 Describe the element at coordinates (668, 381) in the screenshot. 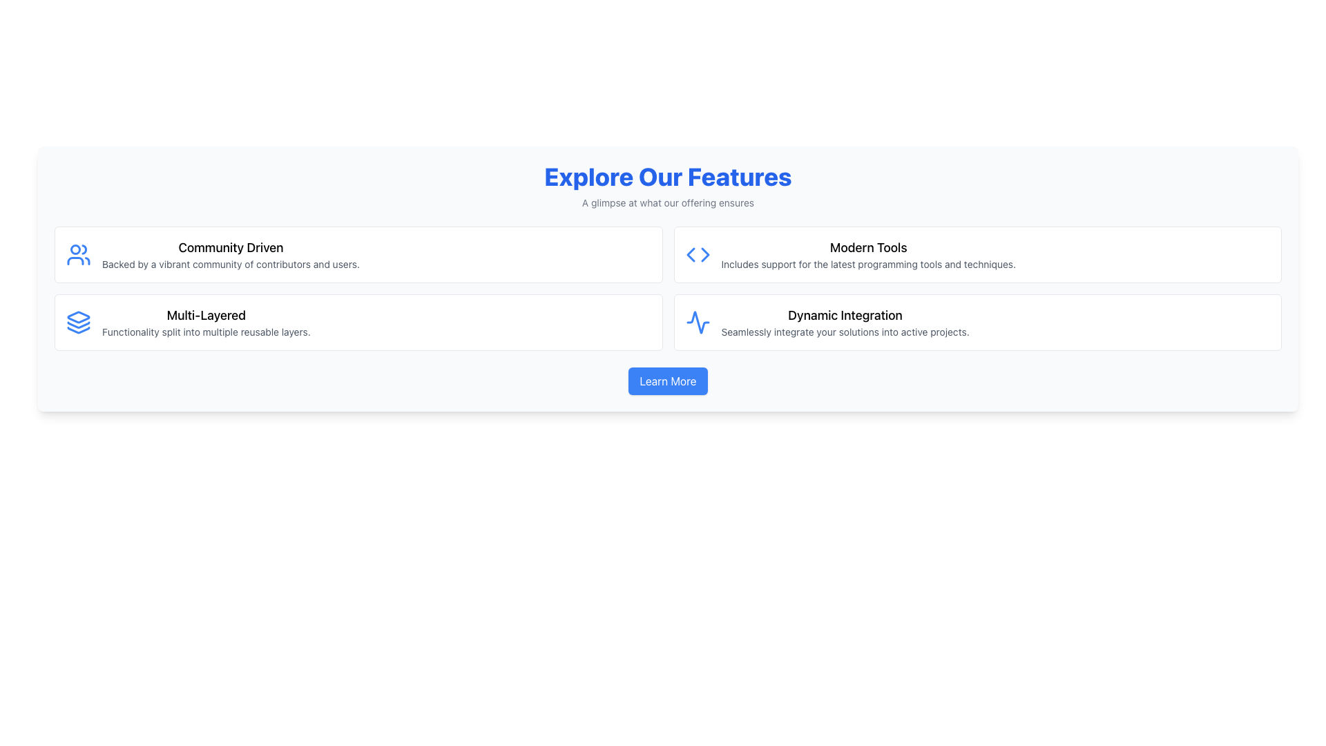

I see `the 'Learn More' button, which is a vibrant blue button with white text, located centrally at the bottom of the feature exploration section` at that location.